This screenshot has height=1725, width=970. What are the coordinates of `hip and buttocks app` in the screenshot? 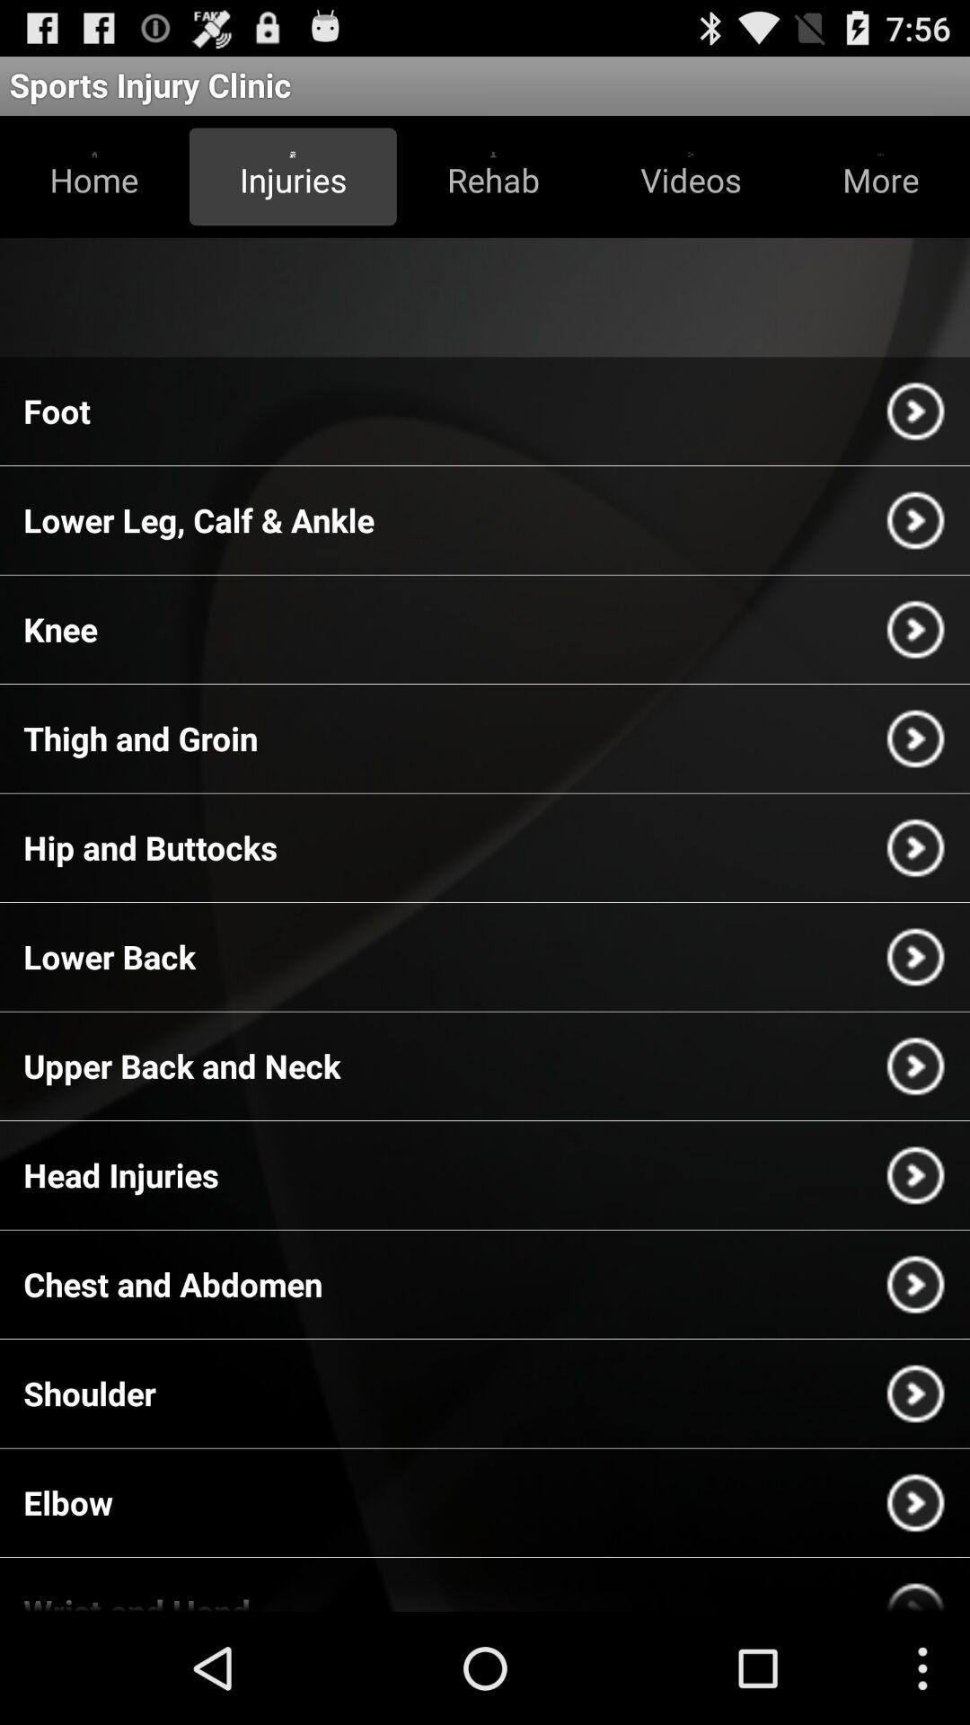 It's located at (149, 846).